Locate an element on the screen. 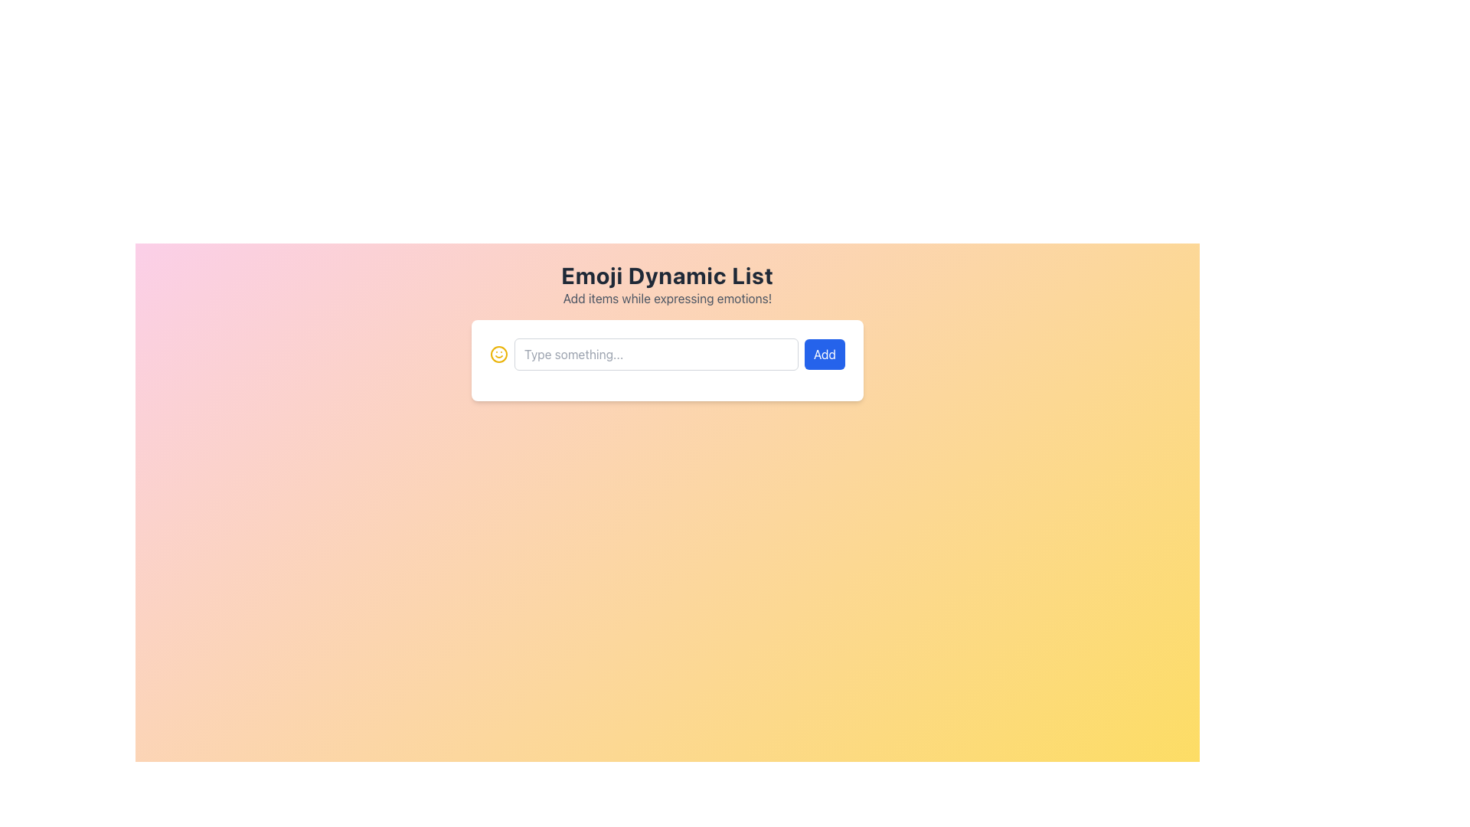 The image size is (1470, 827). the blue 'Add' button with rounded corners is located at coordinates (824, 354).